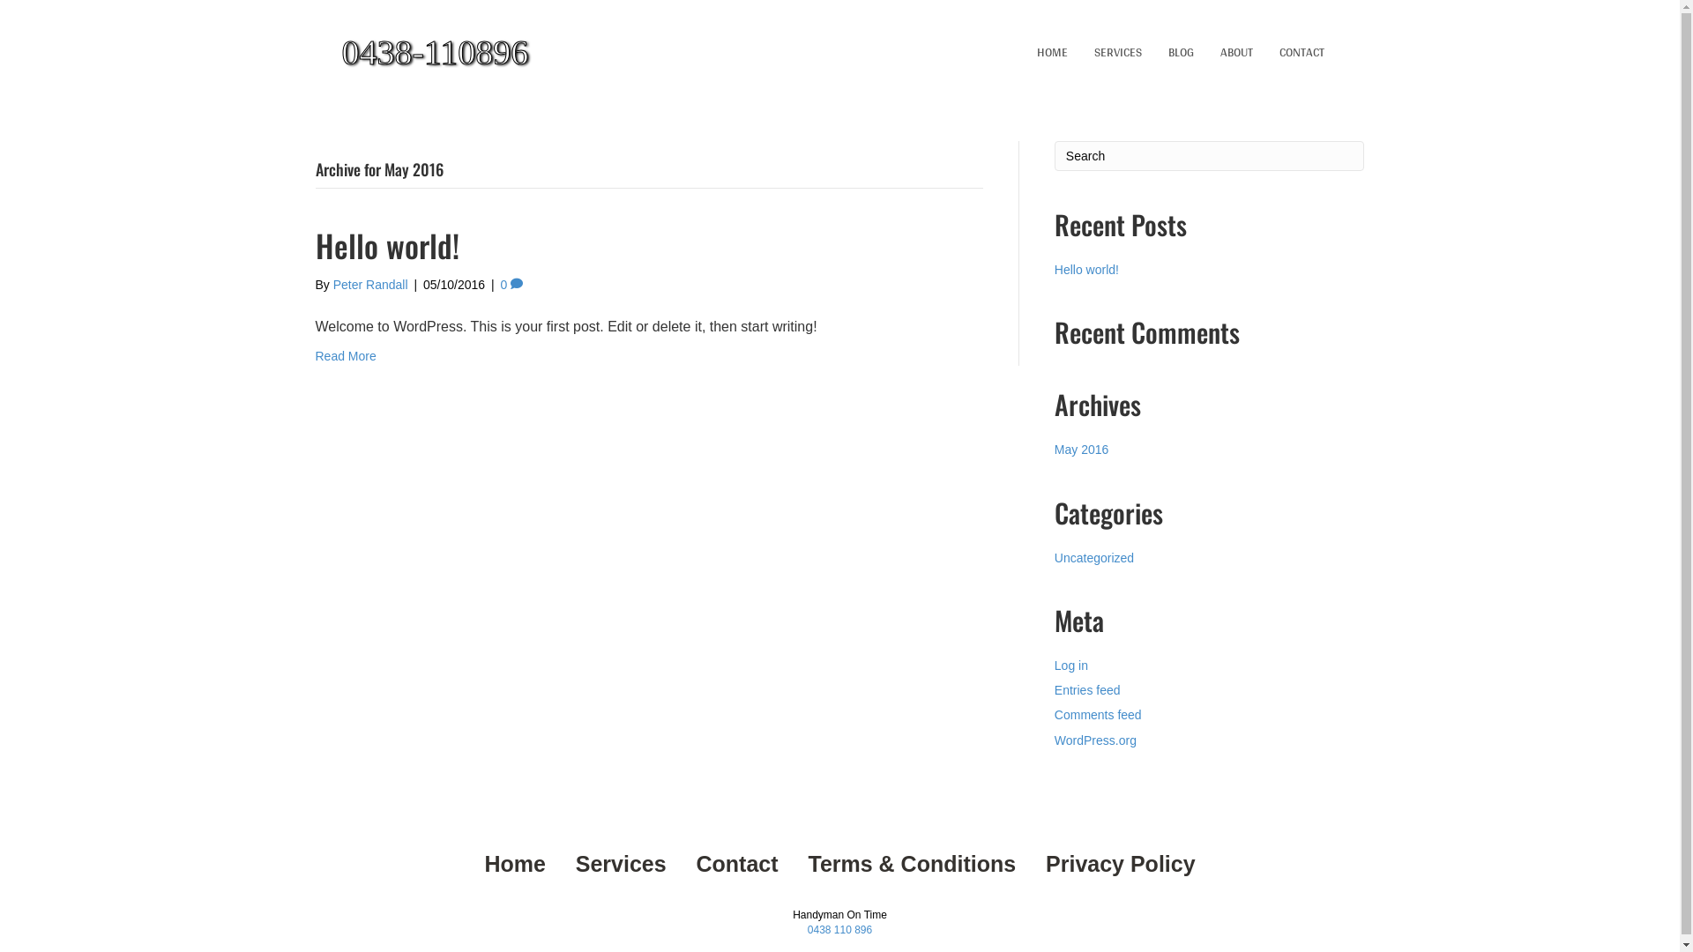  Describe the element at coordinates (1024, 52) in the screenshot. I see `'HOME'` at that location.